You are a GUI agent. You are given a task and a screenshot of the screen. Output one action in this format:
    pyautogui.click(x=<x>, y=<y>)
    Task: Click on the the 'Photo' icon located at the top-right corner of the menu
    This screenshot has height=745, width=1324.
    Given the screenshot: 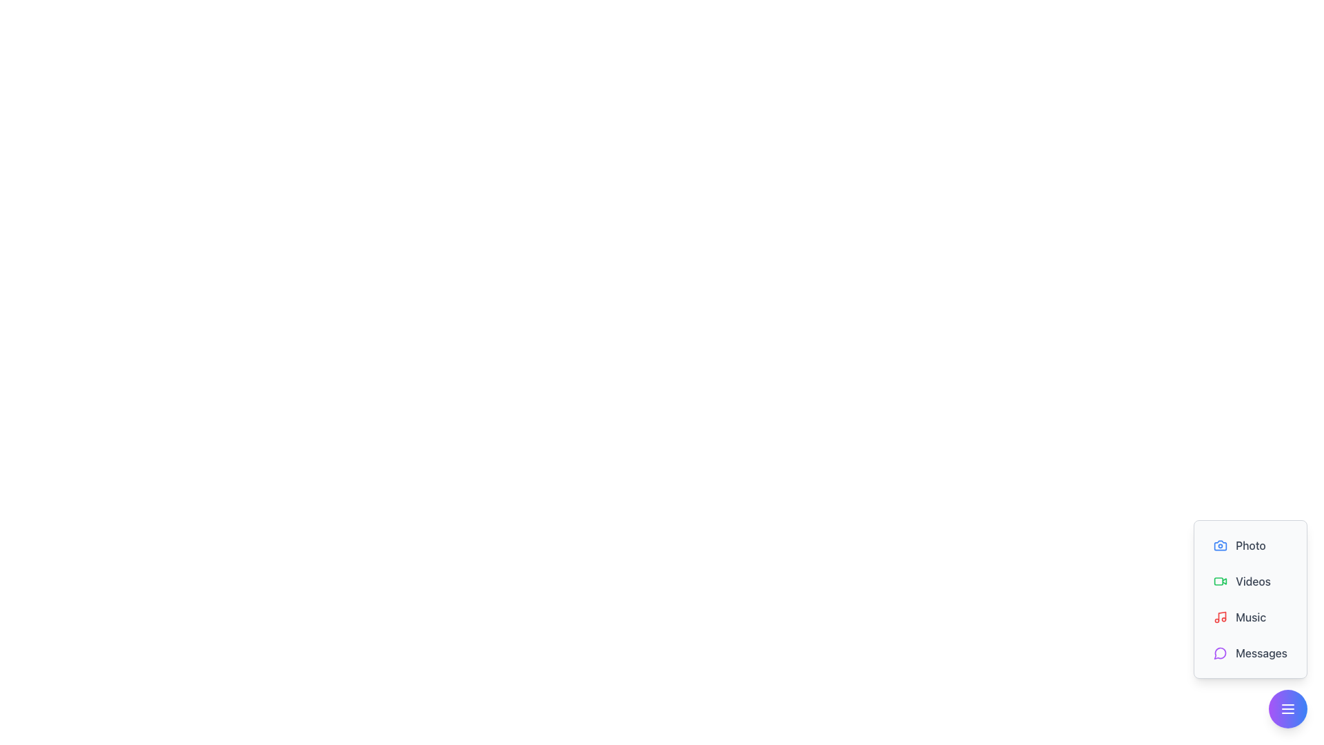 What is the action you would take?
    pyautogui.click(x=1221, y=544)
    